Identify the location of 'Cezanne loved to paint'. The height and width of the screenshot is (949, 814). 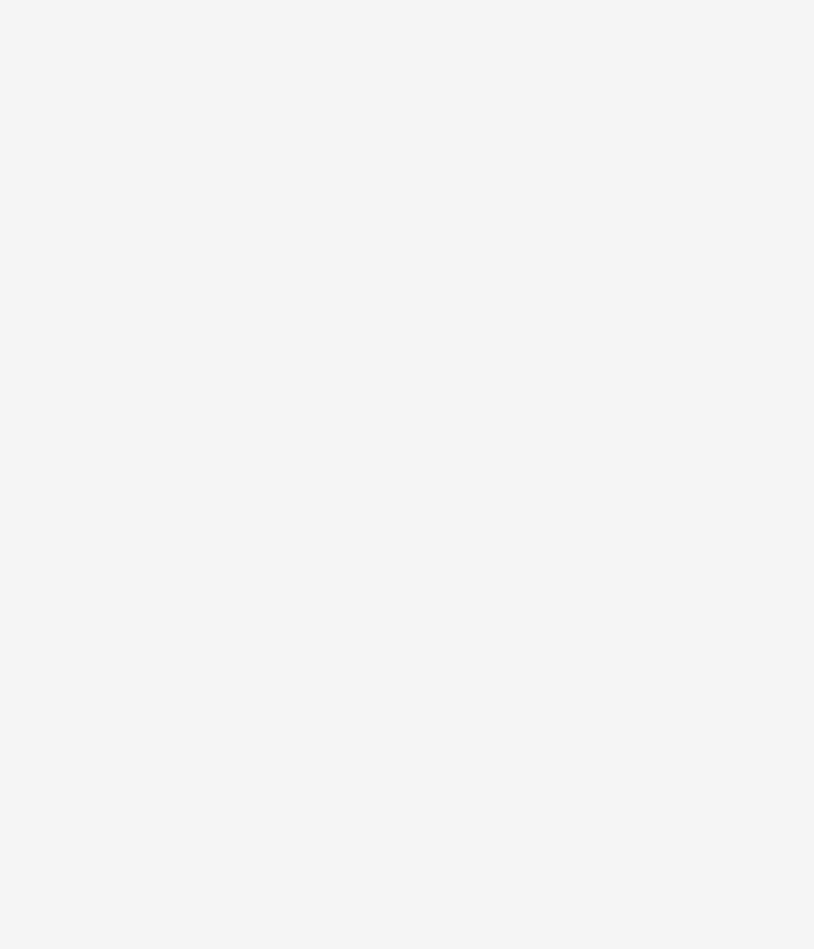
(52, 290).